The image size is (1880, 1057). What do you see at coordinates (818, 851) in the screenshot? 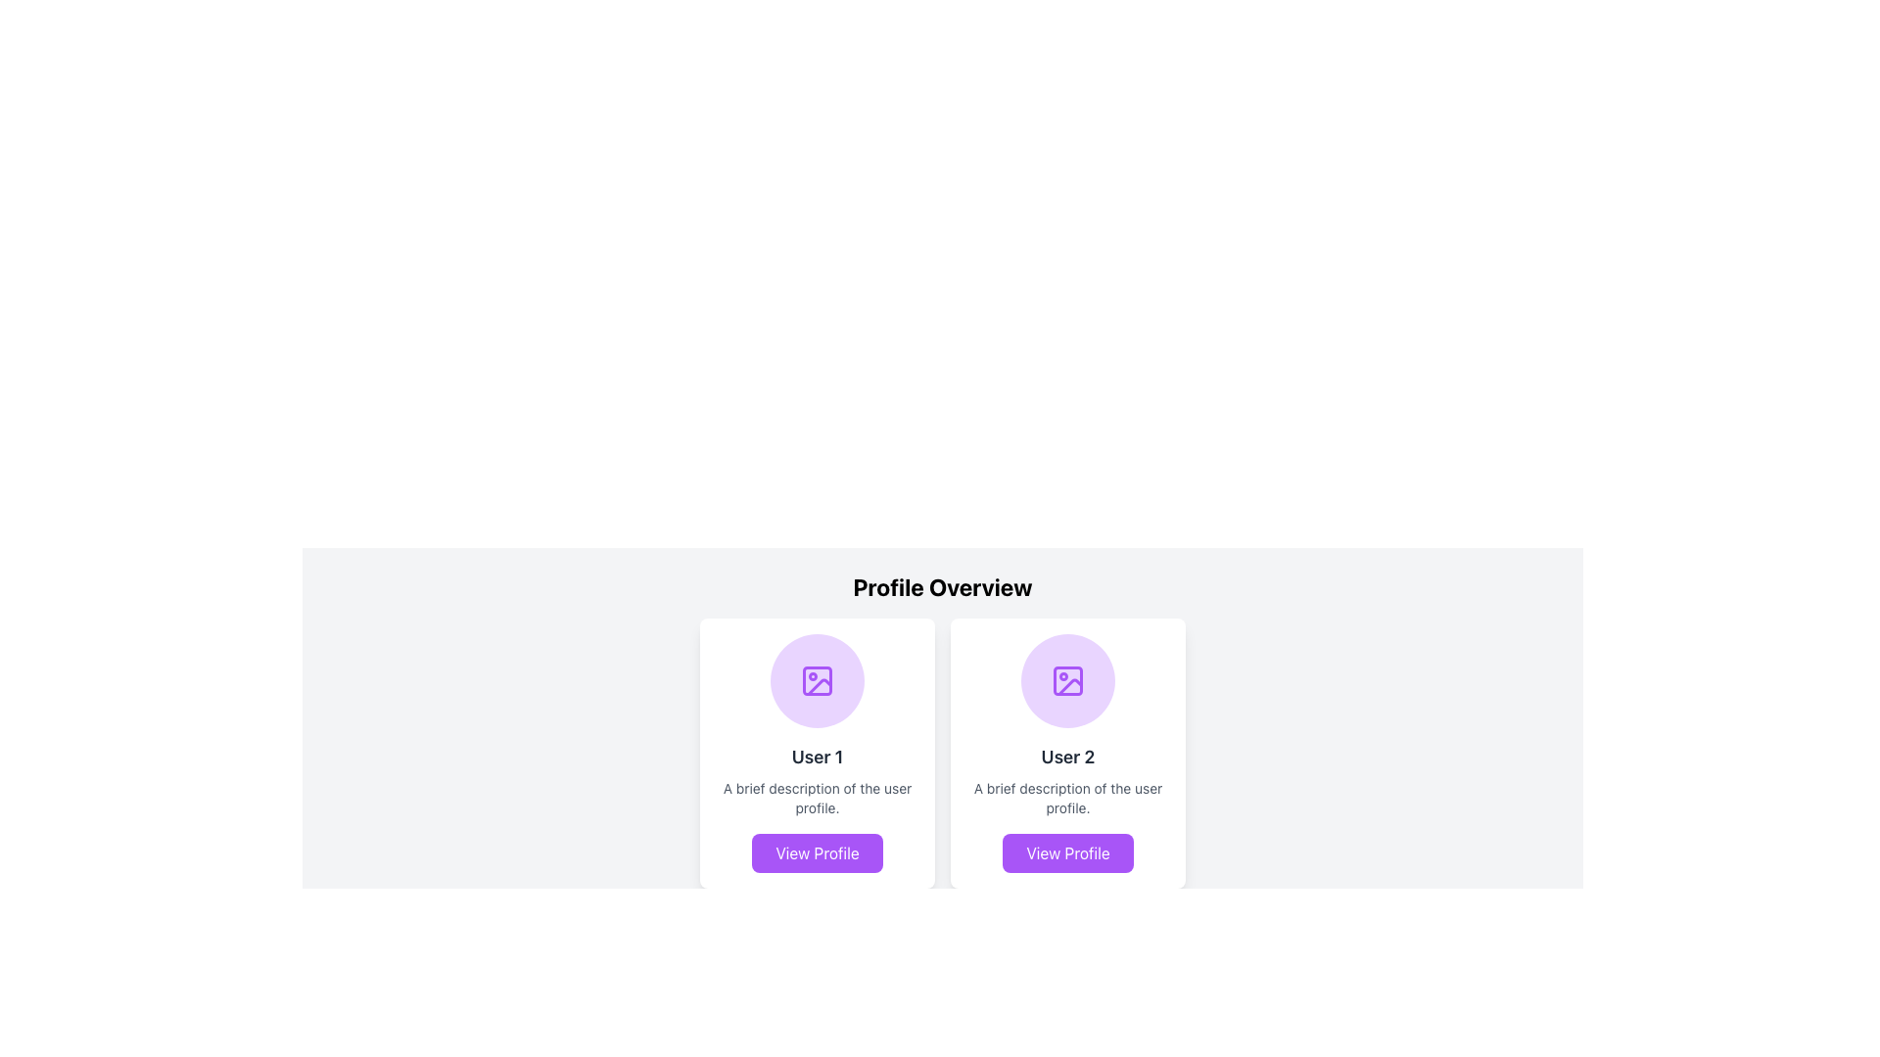
I see `the button at the bottom-center of the user profile card` at bounding box center [818, 851].